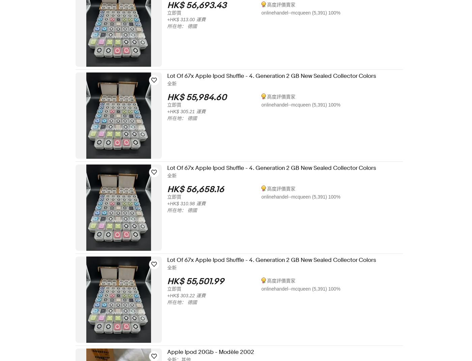  Describe the element at coordinates (200, 281) in the screenshot. I see `'HK$ 55,501.99'` at that location.